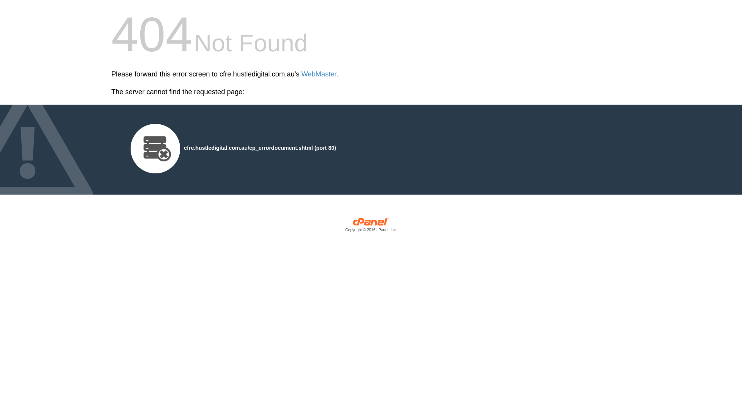 Image resolution: width=742 pixels, height=417 pixels. Describe the element at coordinates (319, 74) in the screenshot. I see `'WebMaster'` at that location.